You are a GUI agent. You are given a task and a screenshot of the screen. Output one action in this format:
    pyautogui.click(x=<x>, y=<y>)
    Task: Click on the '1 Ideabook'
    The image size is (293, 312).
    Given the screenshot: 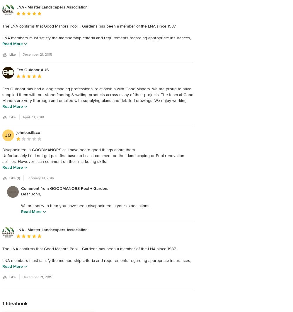 What is the action you would take?
    pyautogui.click(x=15, y=304)
    